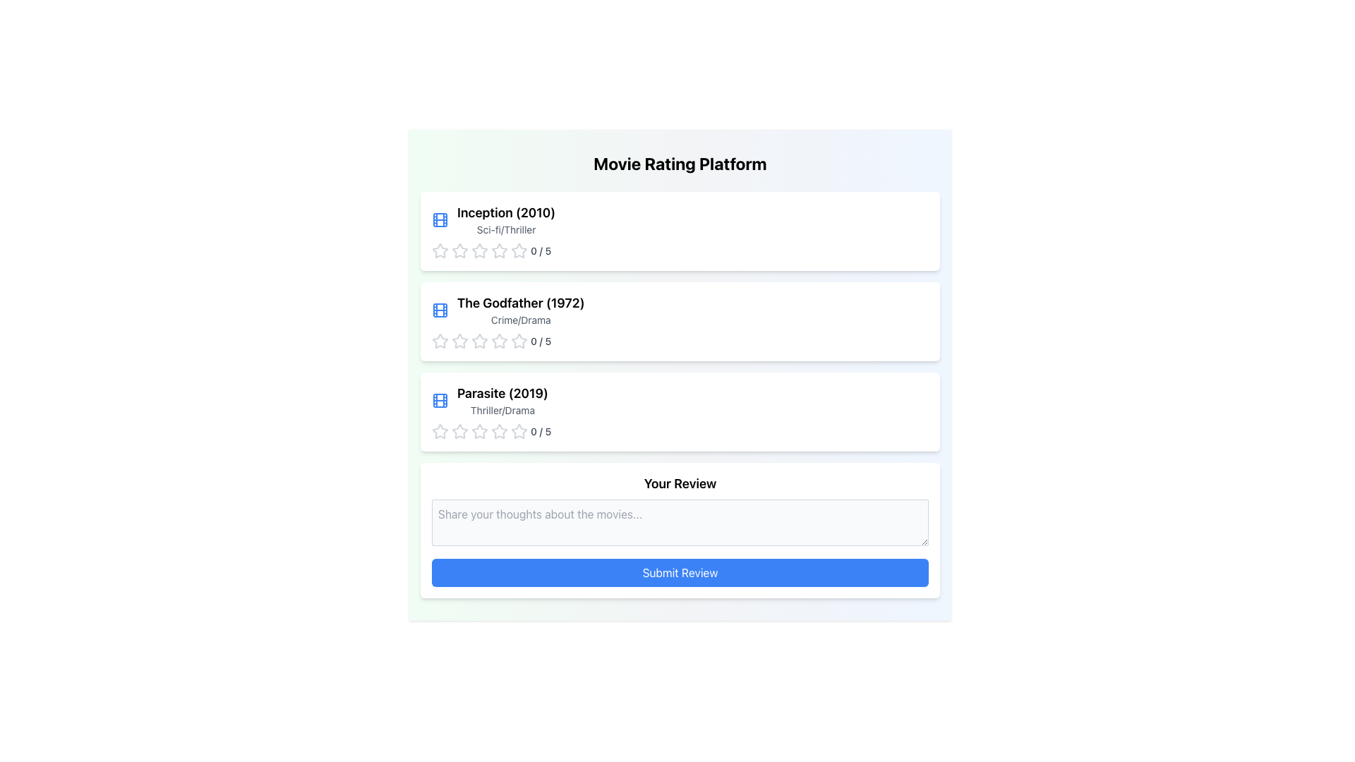  Describe the element at coordinates (440, 400) in the screenshot. I see `the movie icon located to the left of the text block for 'Parasite (2019)' in the third row of the list` at that location.